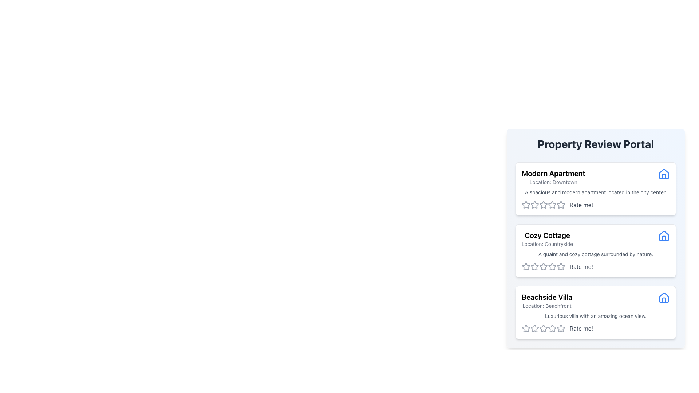 The height and width of the screenshot is (393, 699). What do you see at coordinates (534, 205) in the screenshot?
I see `the second star in the five-star rating component under the 'Modern Apartment' card in the 'Property Review Portal' interface` at bounding box center [534, 205].